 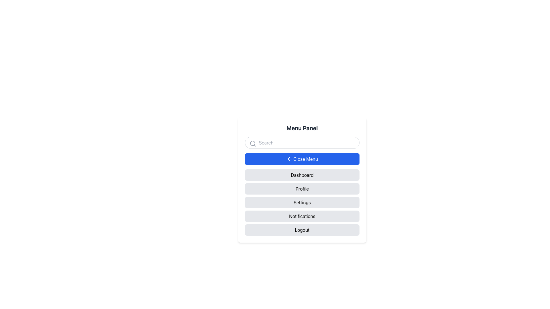 I want to click on the button located within the 'Menu Panel' above the 'Dashboard' menu option, so click(x=302, y=159).